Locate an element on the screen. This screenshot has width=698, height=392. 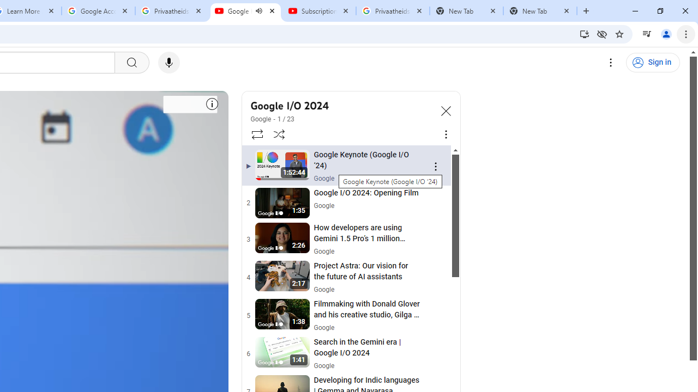
'Shuffle playlist' is located at coordinates (279, 133).